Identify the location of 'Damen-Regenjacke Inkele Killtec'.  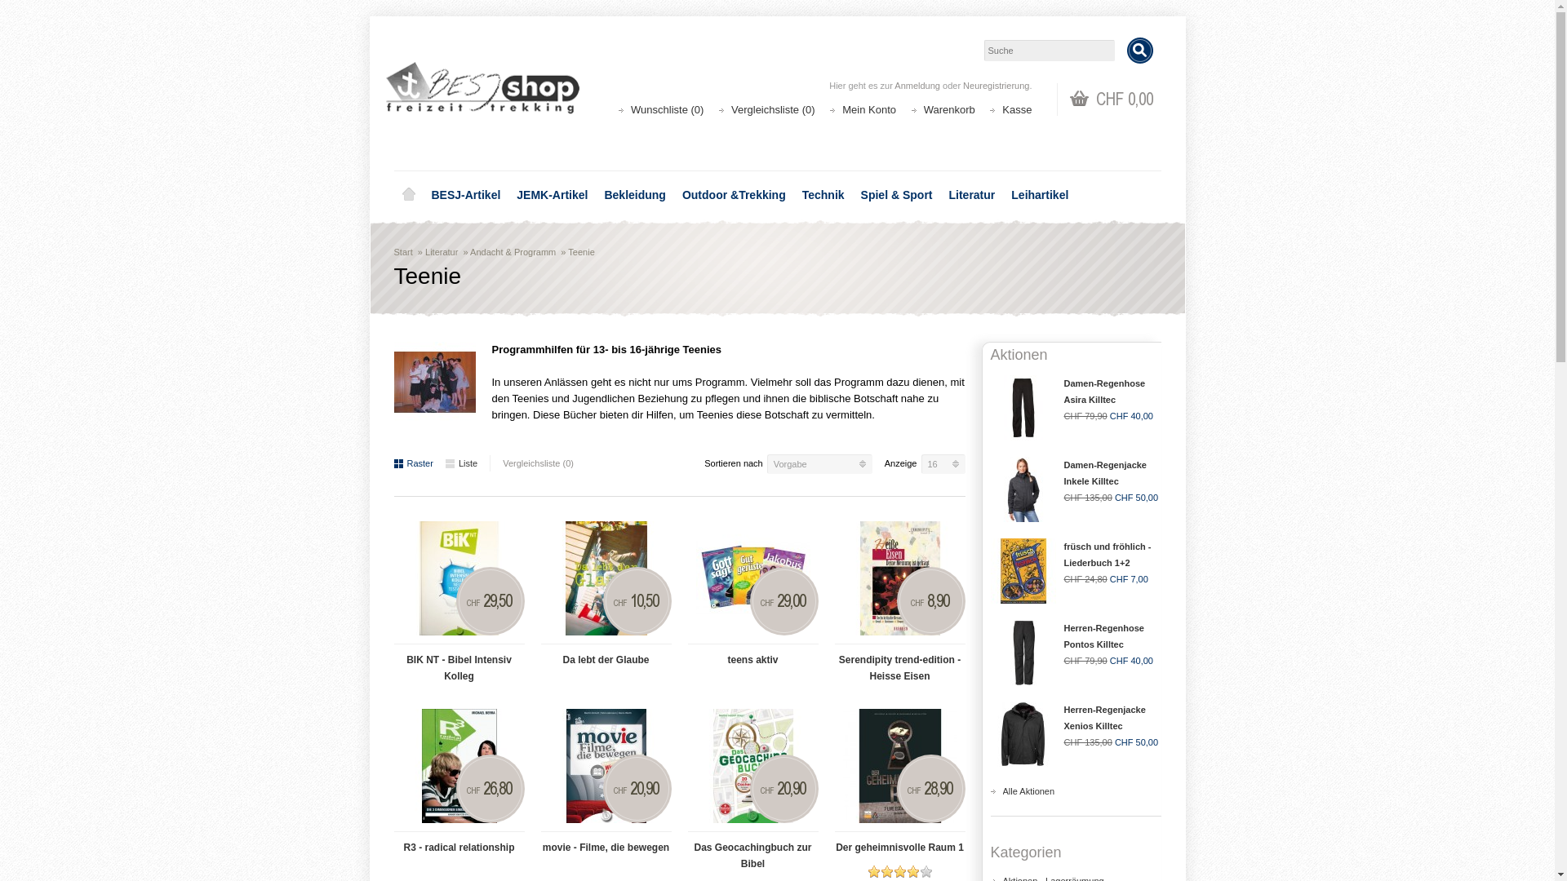
(1064, 472).